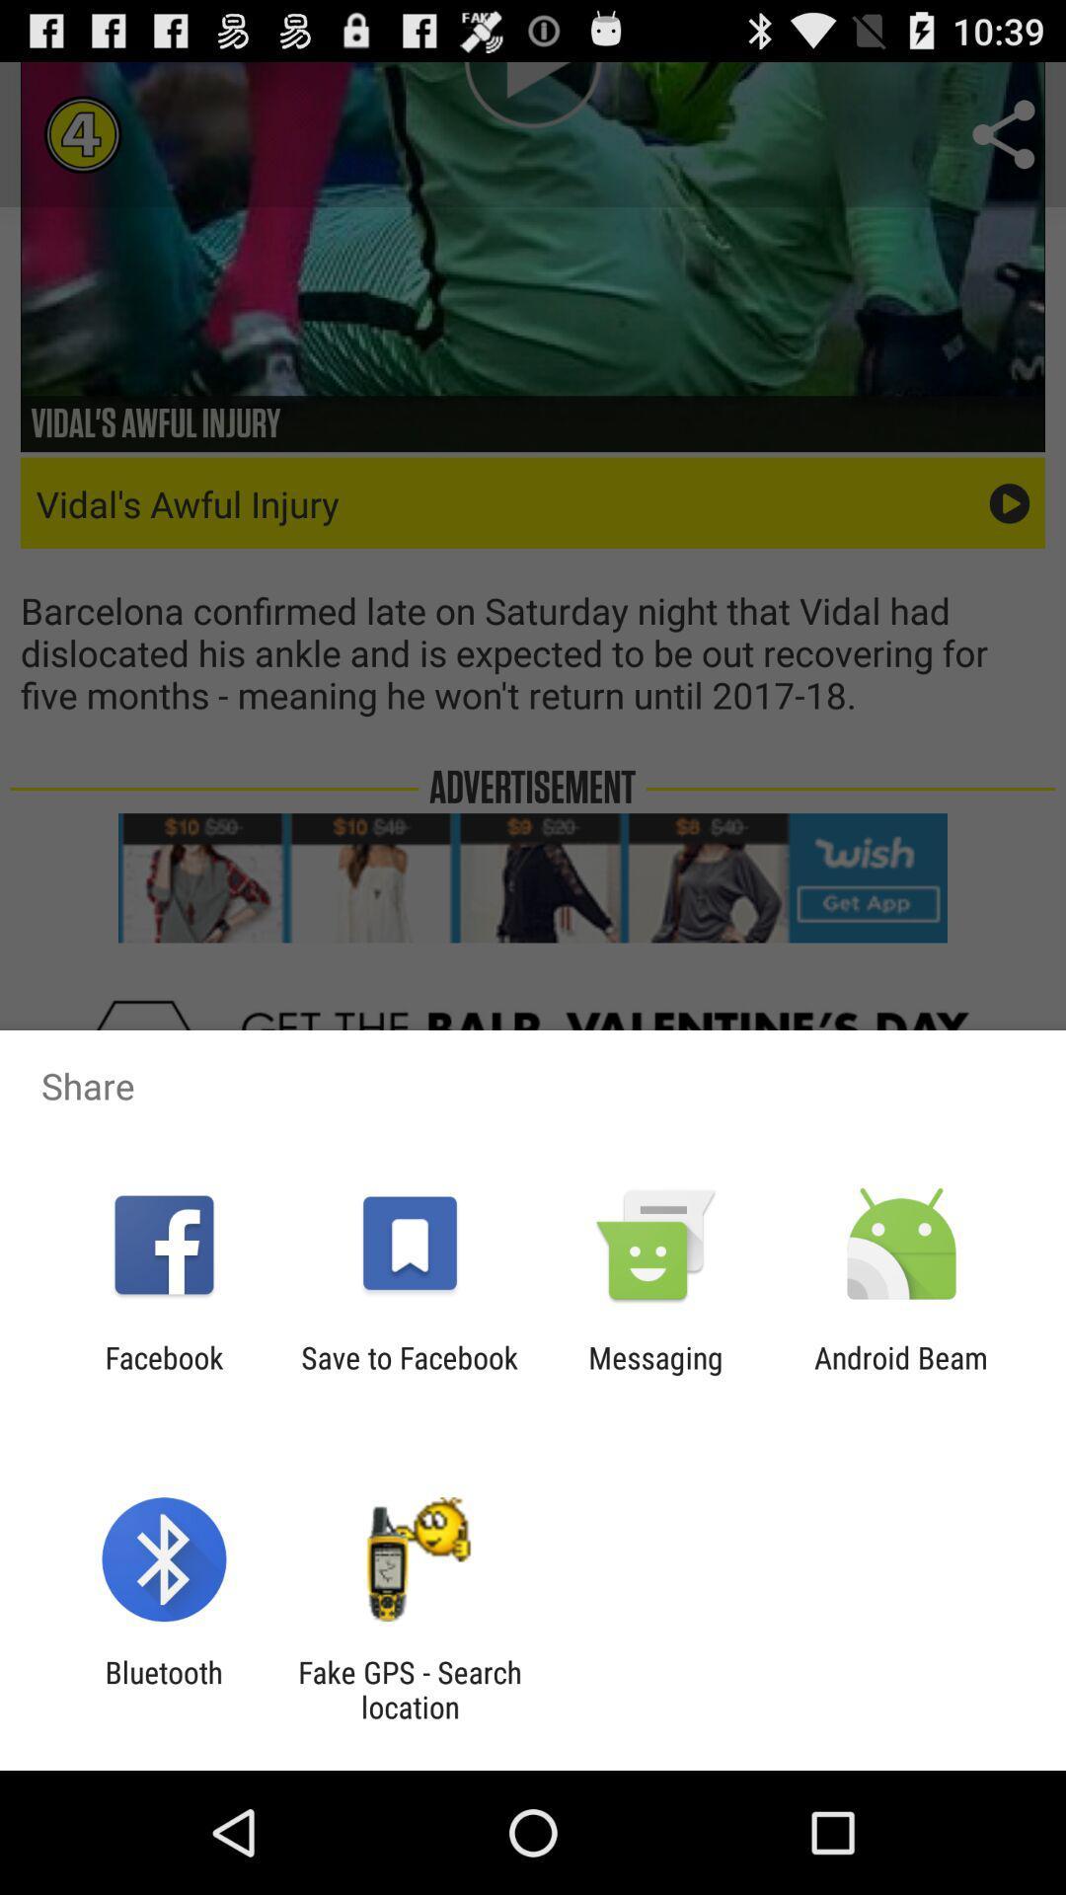 The width and height of the screenshot is (1066, 1895). What do you see at coordinates (901, 1374) in the screenshot?
I see `item to the right of the messaging app` at bounding box center [901, 1374].